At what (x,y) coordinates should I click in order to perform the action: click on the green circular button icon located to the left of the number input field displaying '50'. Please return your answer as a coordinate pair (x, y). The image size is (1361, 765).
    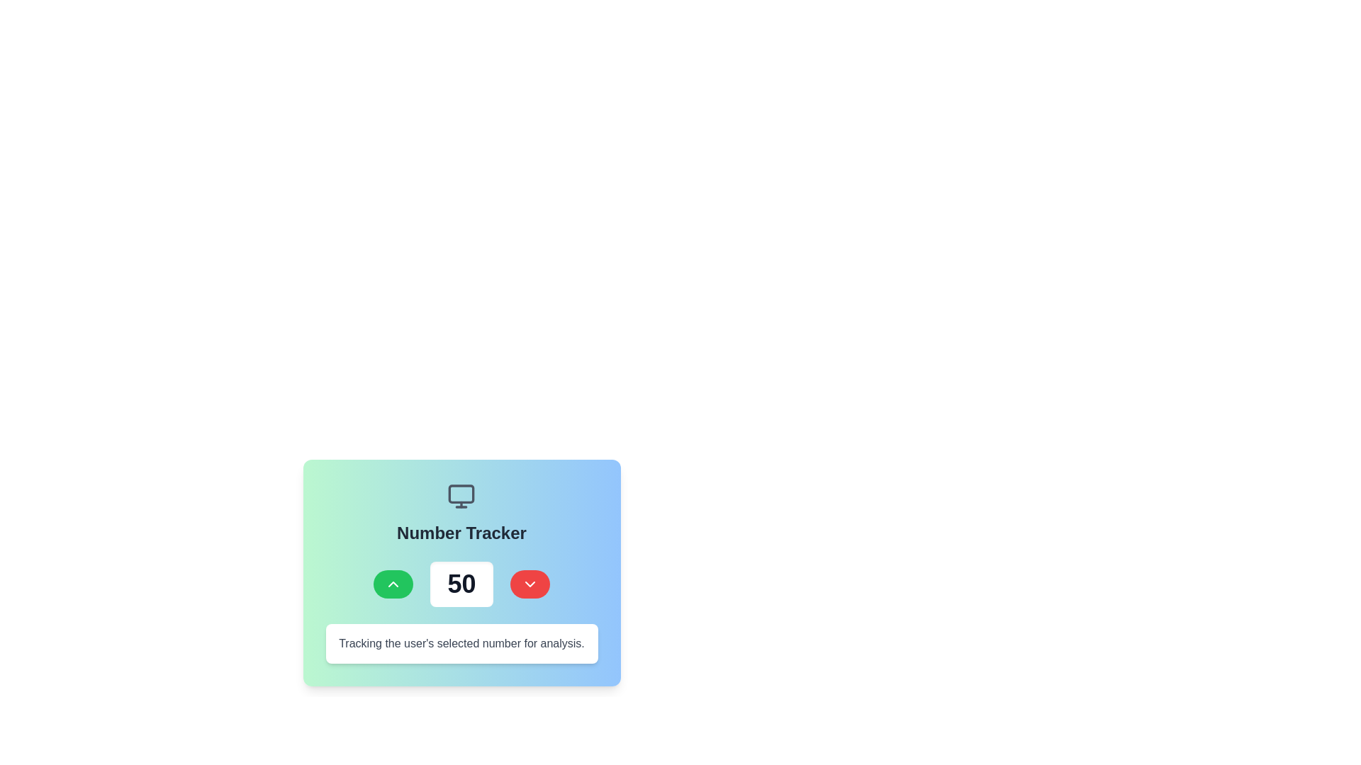
    Looking at the image, I should click on (393, 584).